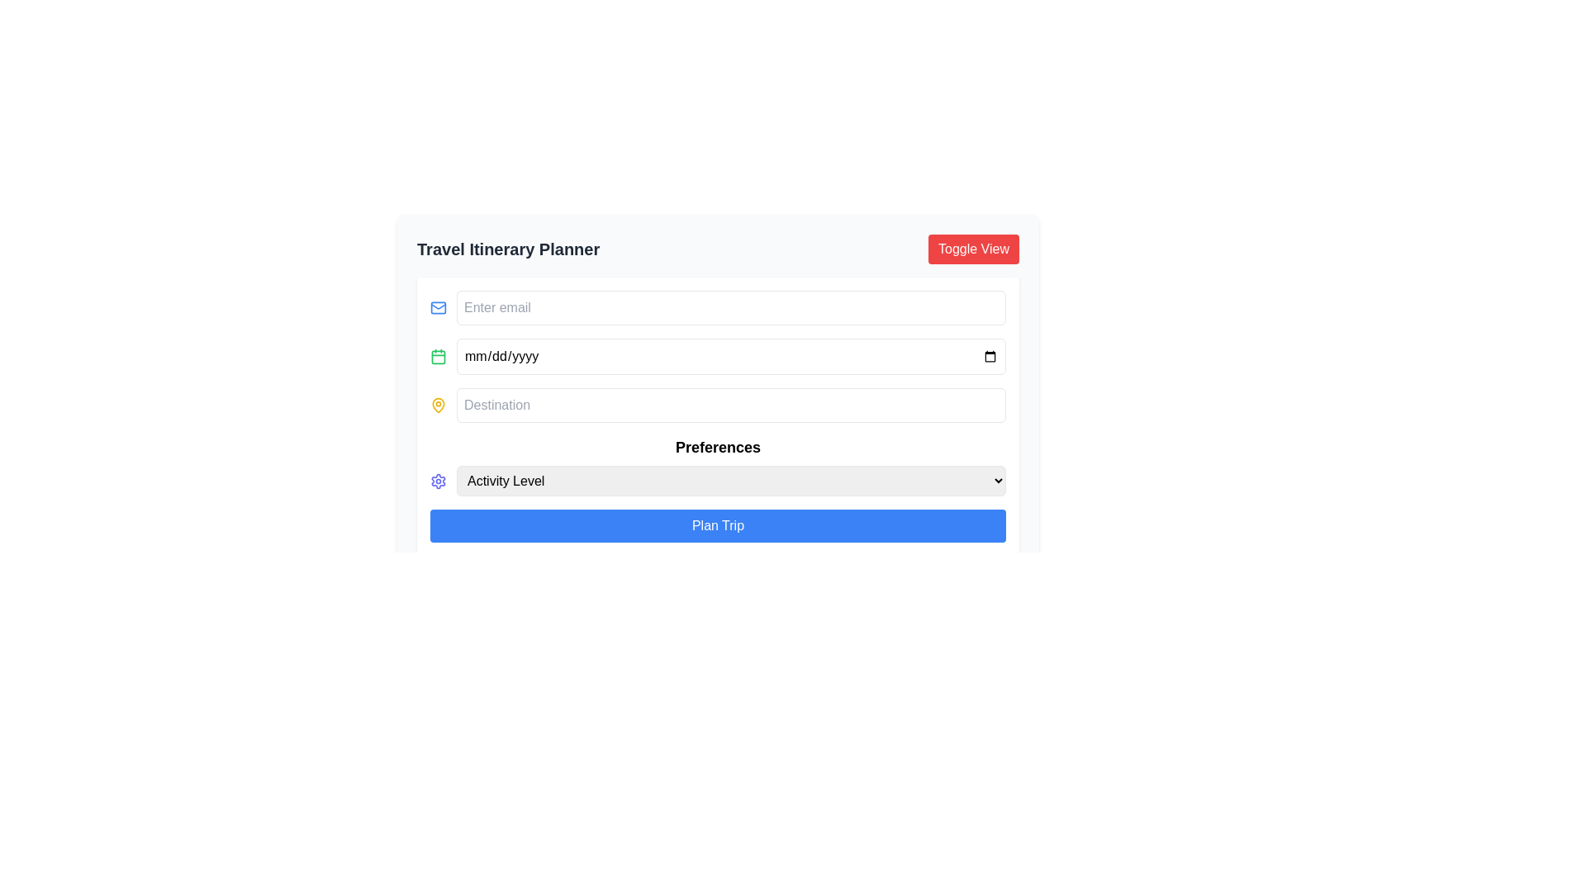  What do you see at coordinates (718, 448) in the screenshot?
I see `the non-interactive label that introduces or categorizes user preferences, positioned above the 'Activity Level' dropdown and below the 'Destination' input field` at bounding box center [718, 448].